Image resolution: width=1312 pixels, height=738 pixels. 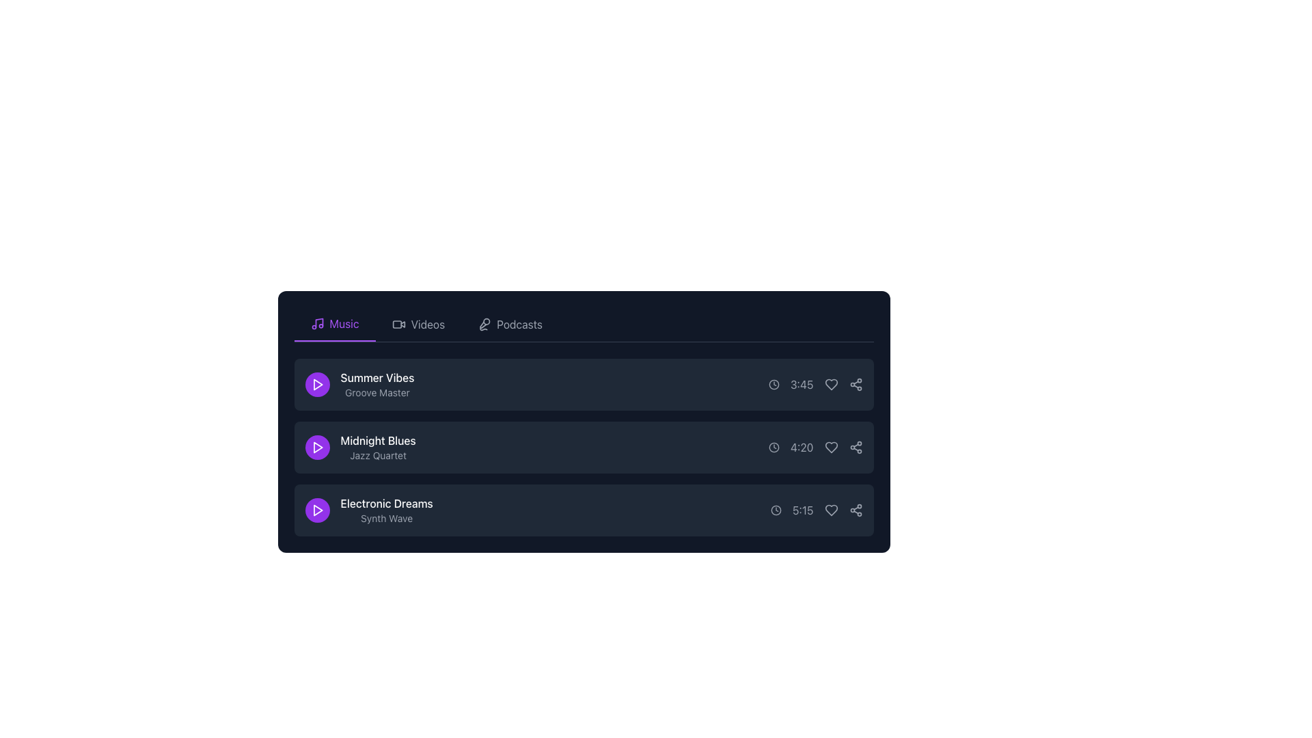 I want to click on the Podcasts icon located in the top navigation bar, positioned leftward of the 'Podcasts' text label, serving as a visual aid for the menu item, so click(x=484, y=324).